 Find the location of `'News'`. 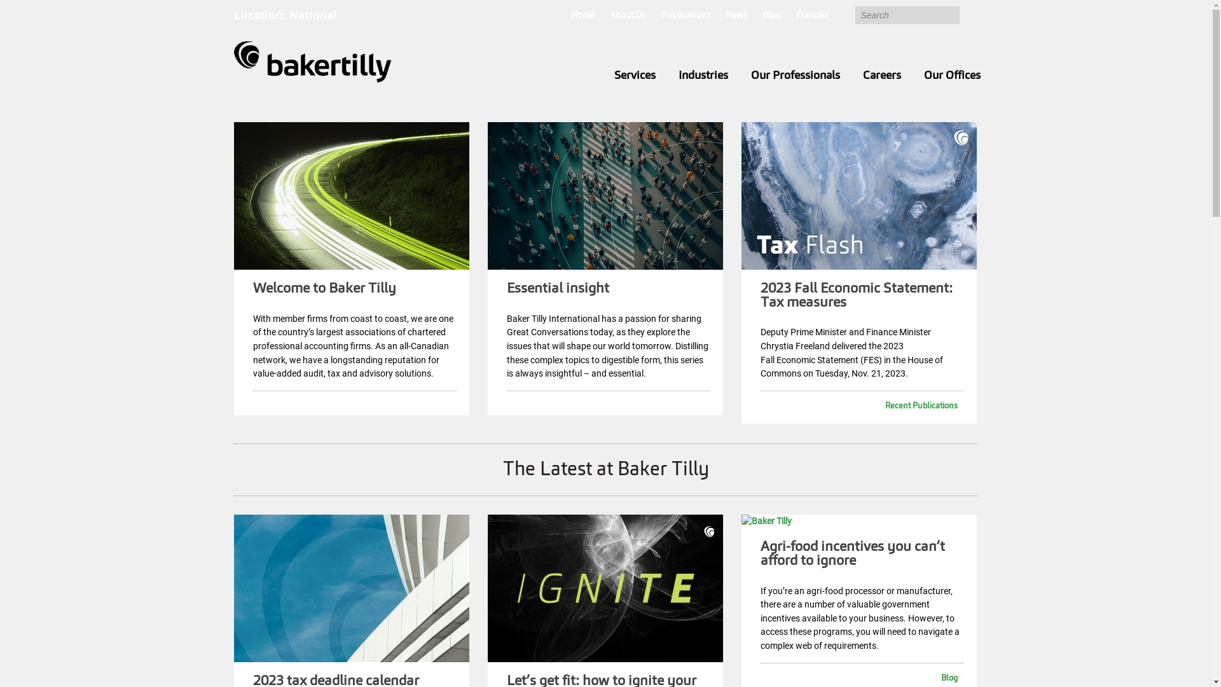

'News' is located at coordinates (735, 16).